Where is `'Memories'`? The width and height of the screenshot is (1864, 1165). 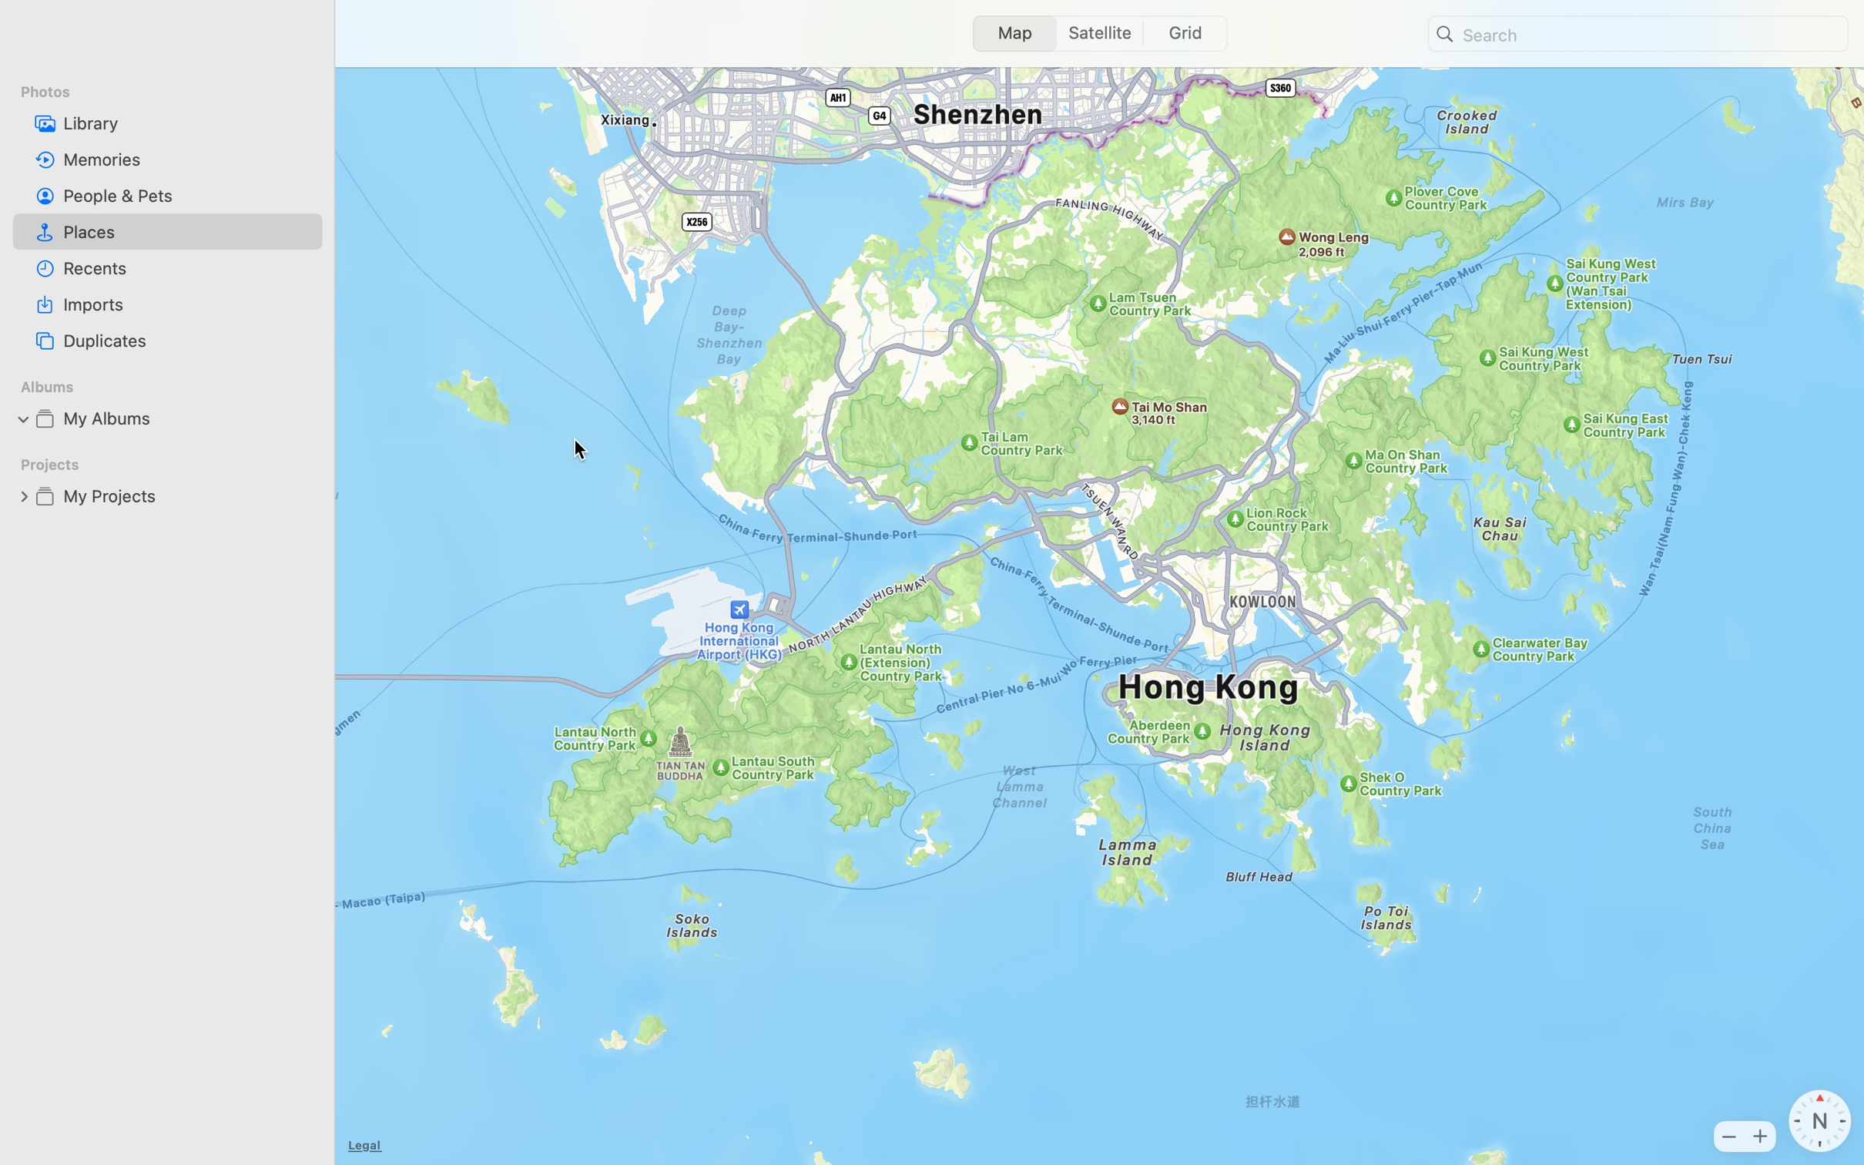 'Memories' is located at coordinates (188, 159).